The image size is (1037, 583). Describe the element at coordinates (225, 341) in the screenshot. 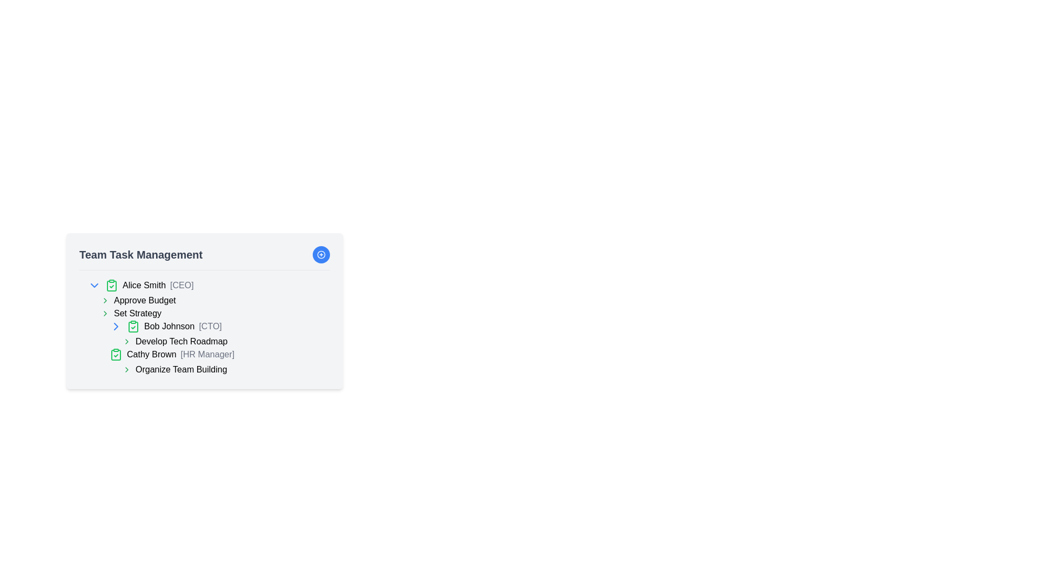

I see `the text label associated with the icon under 'Bob Johnson [CTO]' in the 'Team Task Management' panel` at that location.